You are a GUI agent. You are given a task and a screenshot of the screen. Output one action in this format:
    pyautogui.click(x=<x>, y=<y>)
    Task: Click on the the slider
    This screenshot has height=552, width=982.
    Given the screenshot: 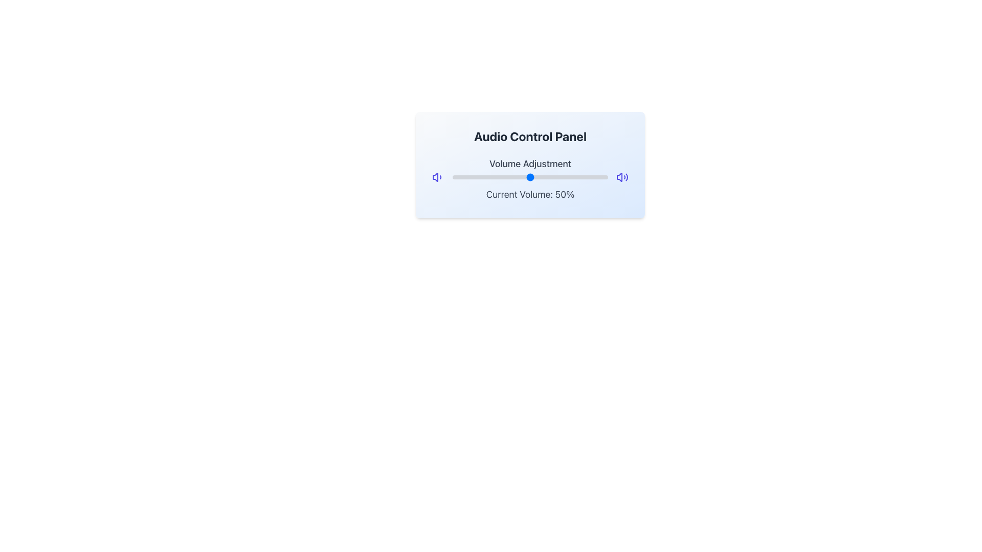 What is the action you would take?
    pyautogui.click(x=471, y=177)
    